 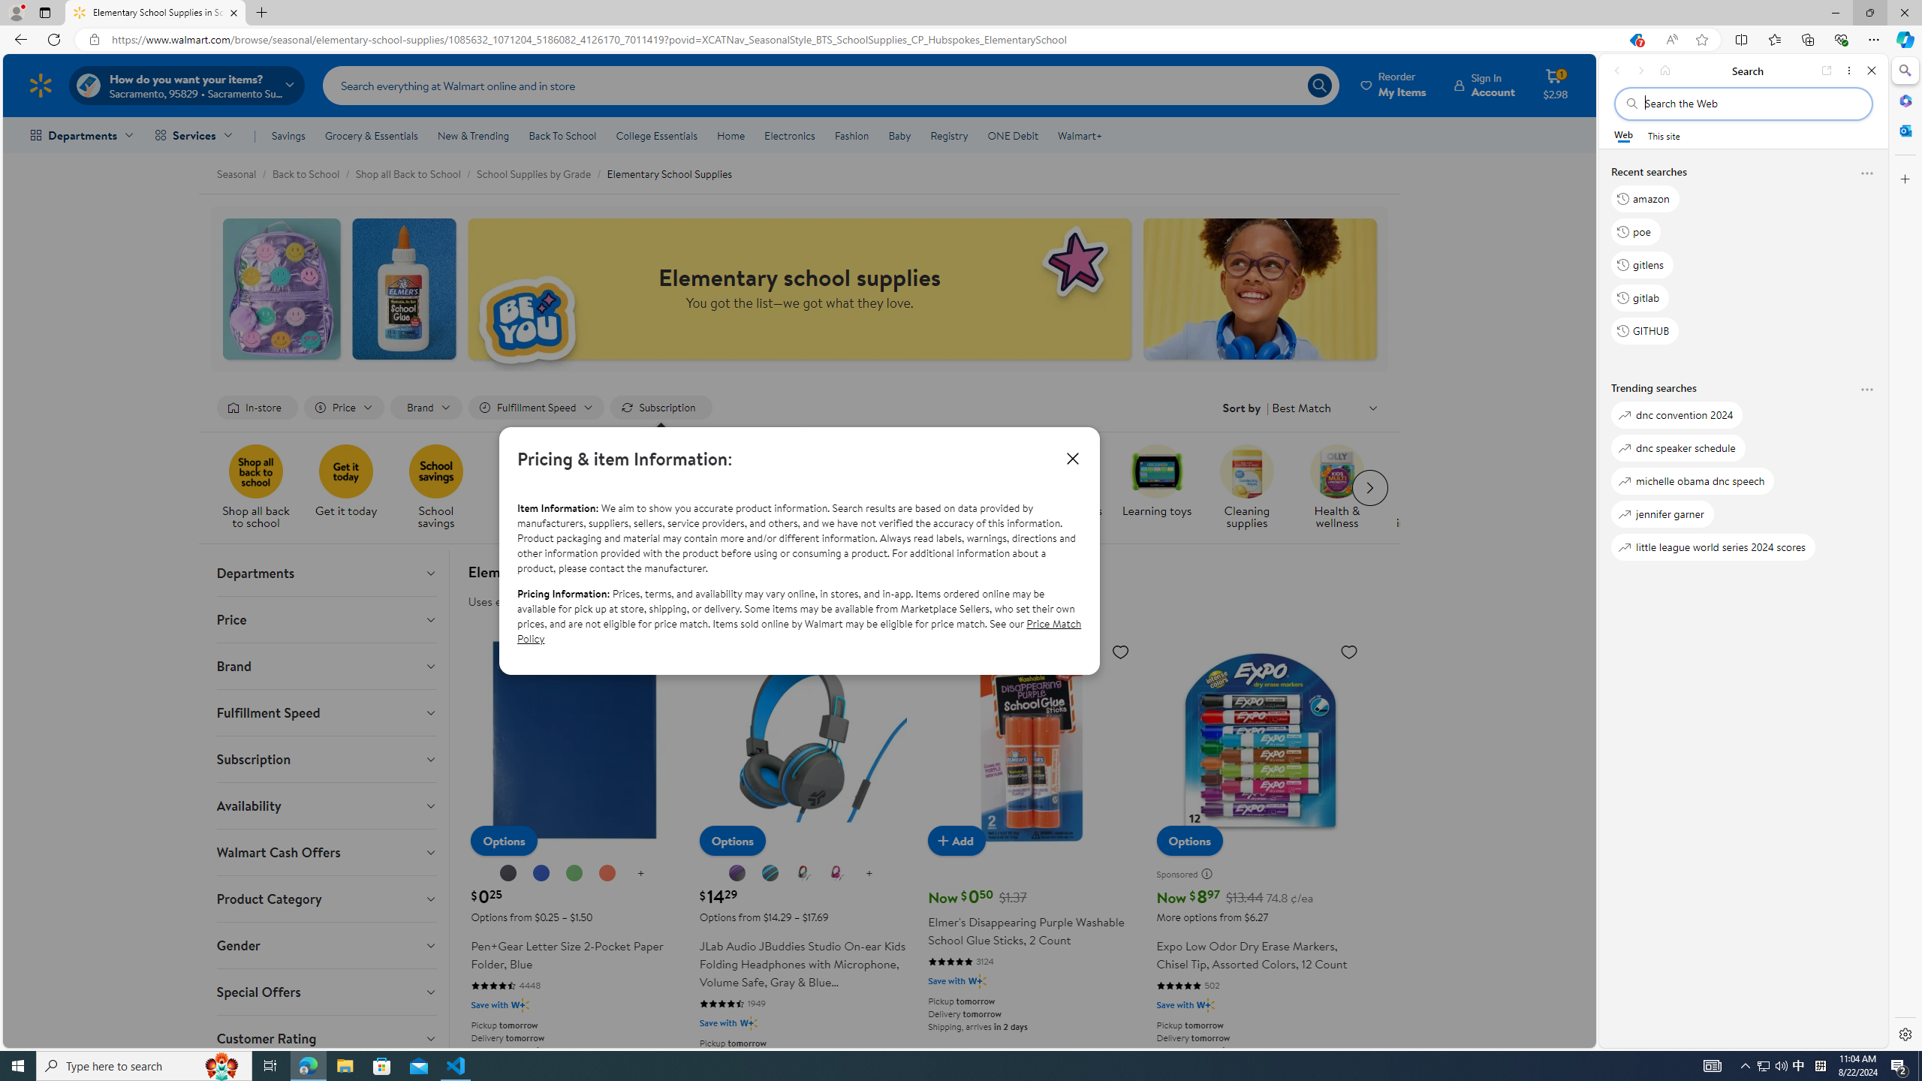 What do you see at coordinates (1640, 297) in the screenshot?
I see `'gitlab'` at bounding box center [1640, 297].